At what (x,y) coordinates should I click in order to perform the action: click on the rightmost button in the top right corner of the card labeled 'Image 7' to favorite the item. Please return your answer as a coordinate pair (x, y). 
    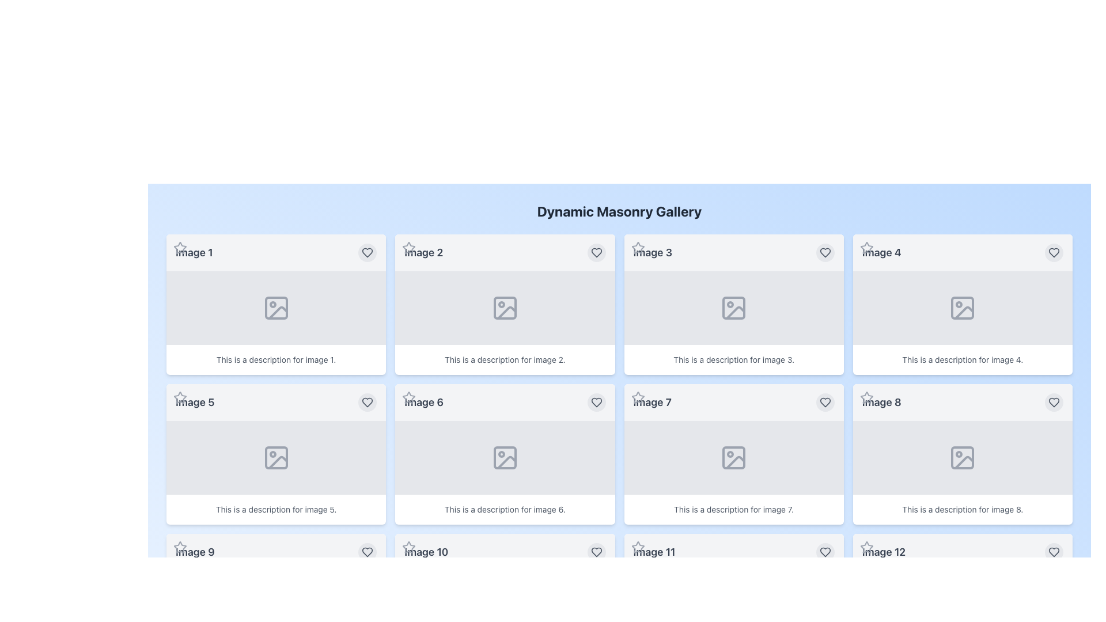
    Looking at the image, I should click on (824, 401).